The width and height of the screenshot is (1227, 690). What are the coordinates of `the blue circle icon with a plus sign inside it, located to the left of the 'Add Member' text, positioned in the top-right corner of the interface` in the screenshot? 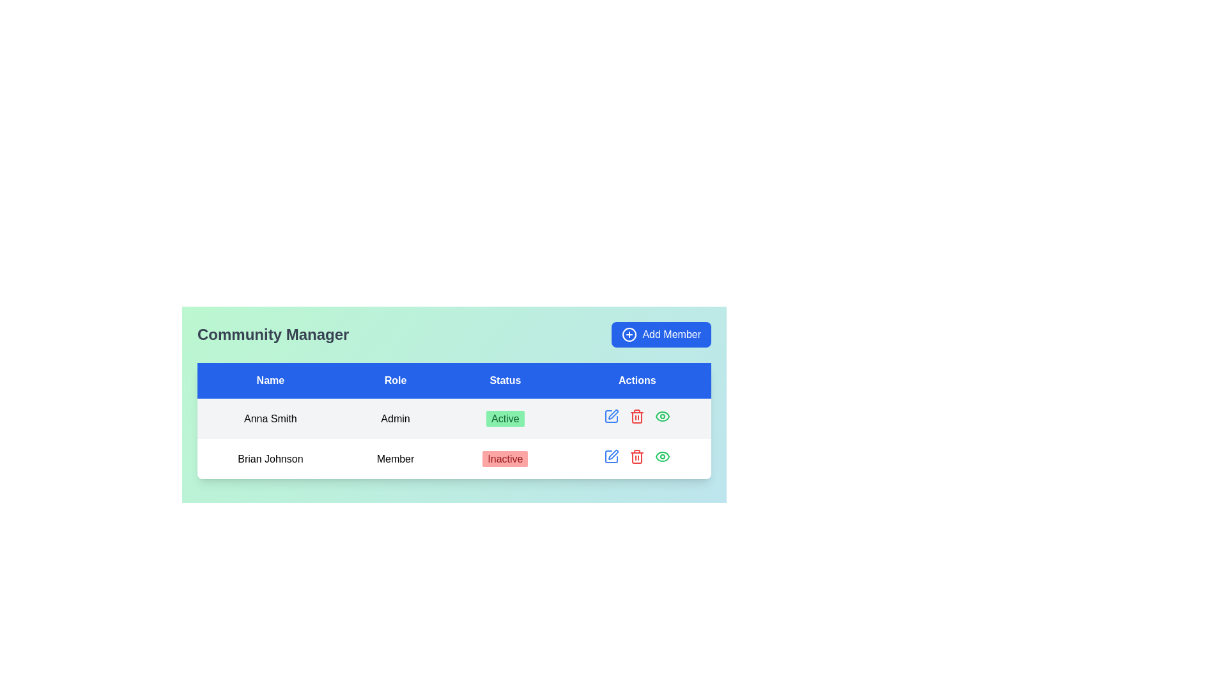 It's located at (629, 334).